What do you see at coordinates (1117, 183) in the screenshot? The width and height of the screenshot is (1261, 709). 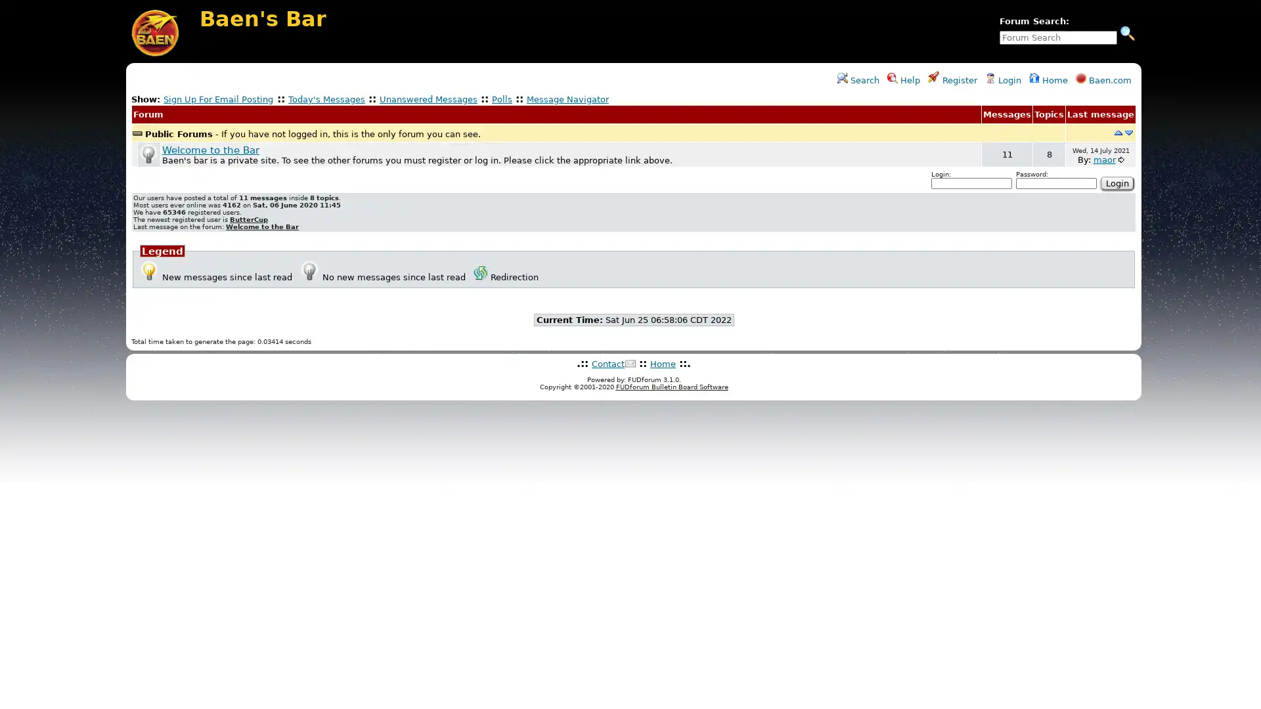 I see `Login` at bounding box center [1117, 183].